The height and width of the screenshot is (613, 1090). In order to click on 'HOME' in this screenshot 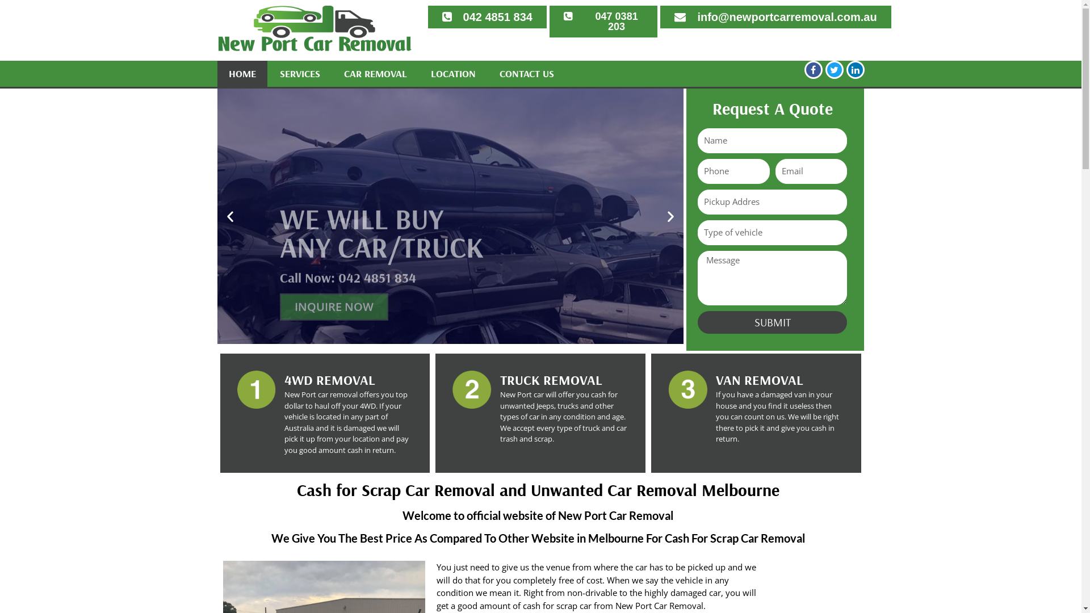, I will do `click(241, 74)`.